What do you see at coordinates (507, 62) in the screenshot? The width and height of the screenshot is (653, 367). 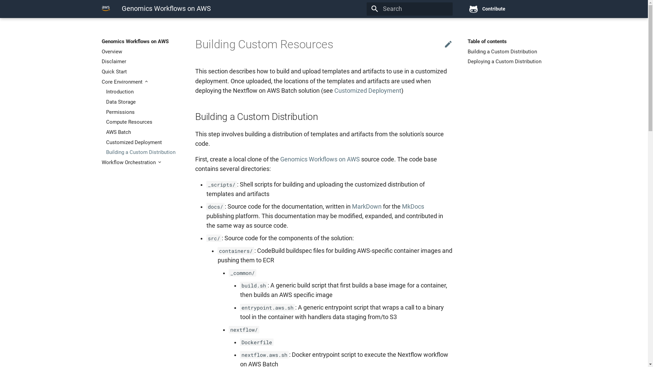 I see `'Deploying a Custom Distribution'` at bounding box center [507, 62].